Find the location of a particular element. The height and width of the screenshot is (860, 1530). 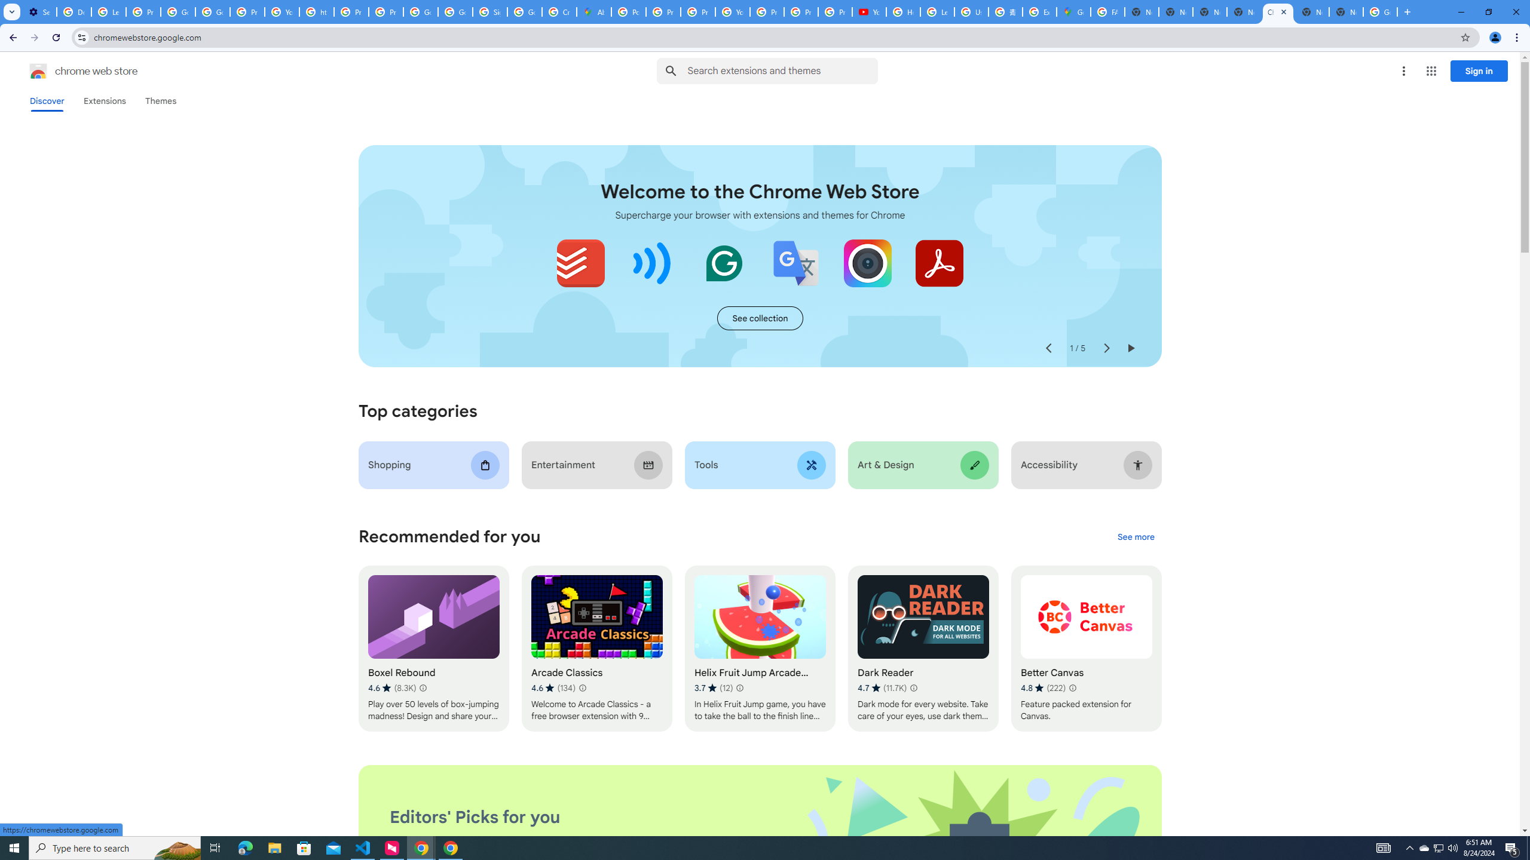

'New Tab' is located at coordinates (1345, 11).